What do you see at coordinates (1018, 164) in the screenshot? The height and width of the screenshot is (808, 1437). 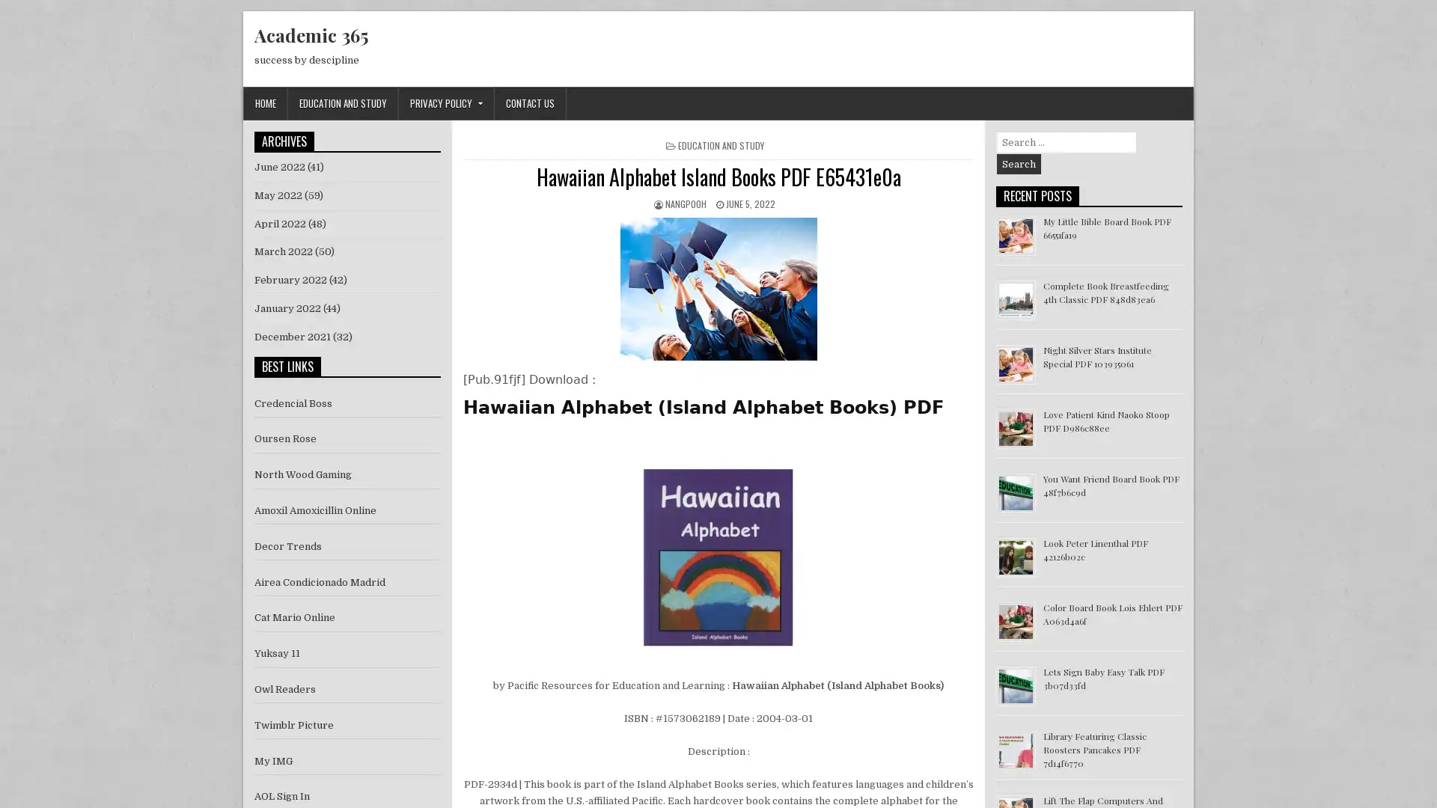 I see `Search` at bounding box center [1018, 164].